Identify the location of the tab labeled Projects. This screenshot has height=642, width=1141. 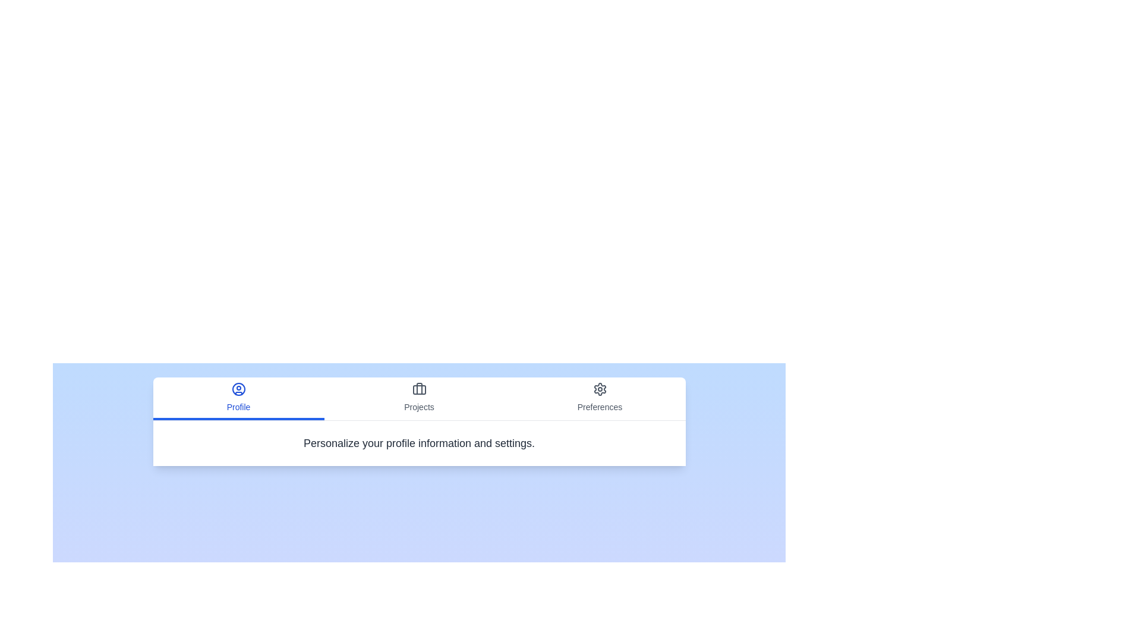
(419, 399).